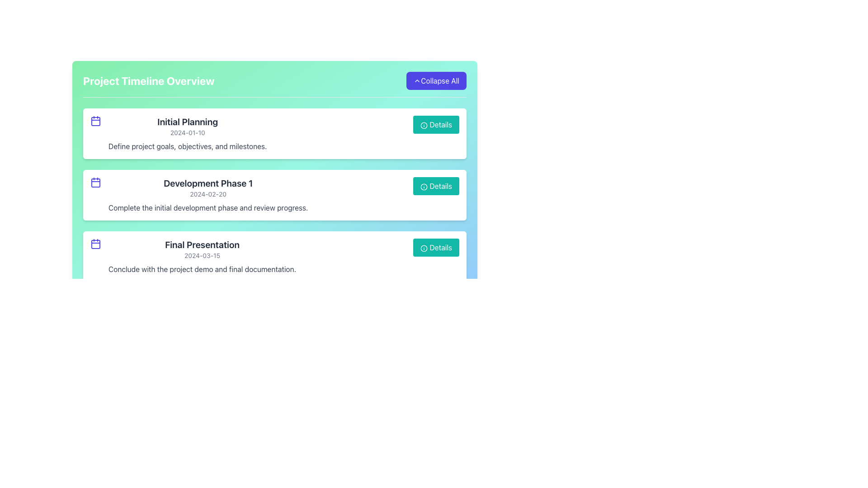 The height and width of the screenshot is (488, 868). What do you see at coordinates (424, 248) in the screenshot?
I see `the teal circular icon located within the 'Details' button on the right side of the 'Final Presentation' timeline item` at bounding box center [424, 248].